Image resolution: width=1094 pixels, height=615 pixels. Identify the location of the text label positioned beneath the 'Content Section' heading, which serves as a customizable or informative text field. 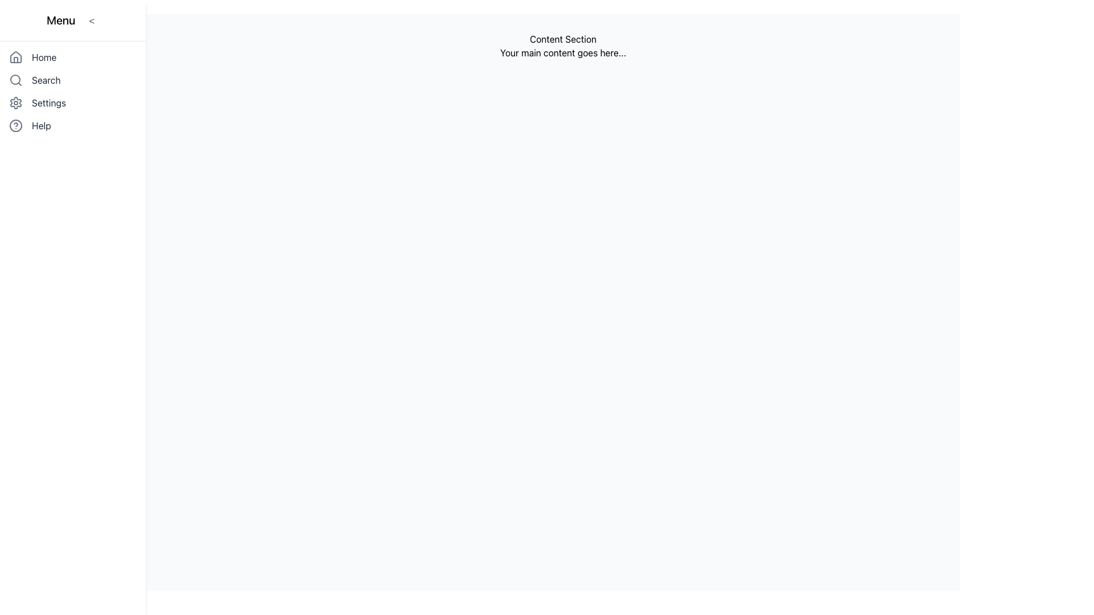
(563, 52).